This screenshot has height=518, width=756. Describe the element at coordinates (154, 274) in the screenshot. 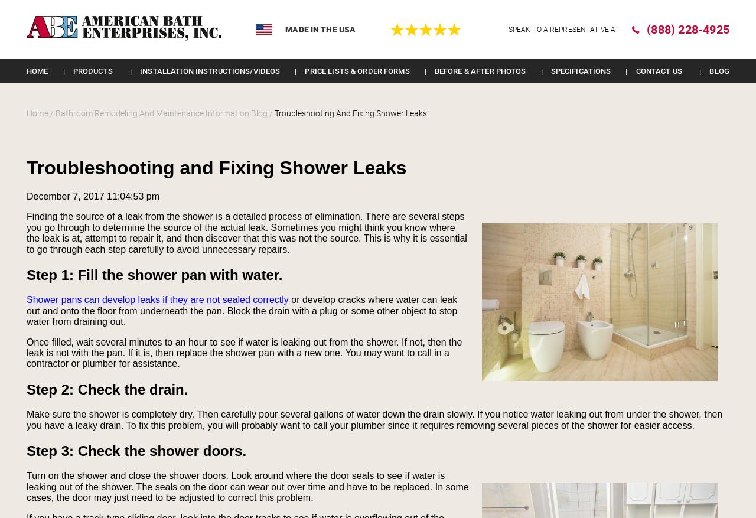

I see `'Step 1: Fill the shower pan with water.'` at that location.